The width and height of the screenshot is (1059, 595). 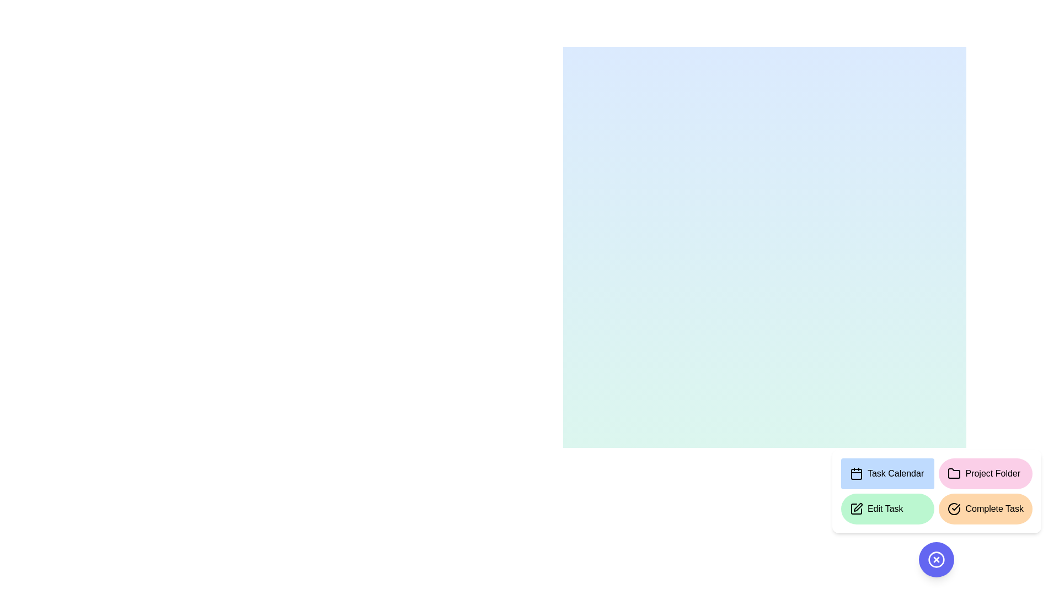 I want to click on the 'Task Calendar' button with a blue background and calendar icon, so click(x=887, y=473).